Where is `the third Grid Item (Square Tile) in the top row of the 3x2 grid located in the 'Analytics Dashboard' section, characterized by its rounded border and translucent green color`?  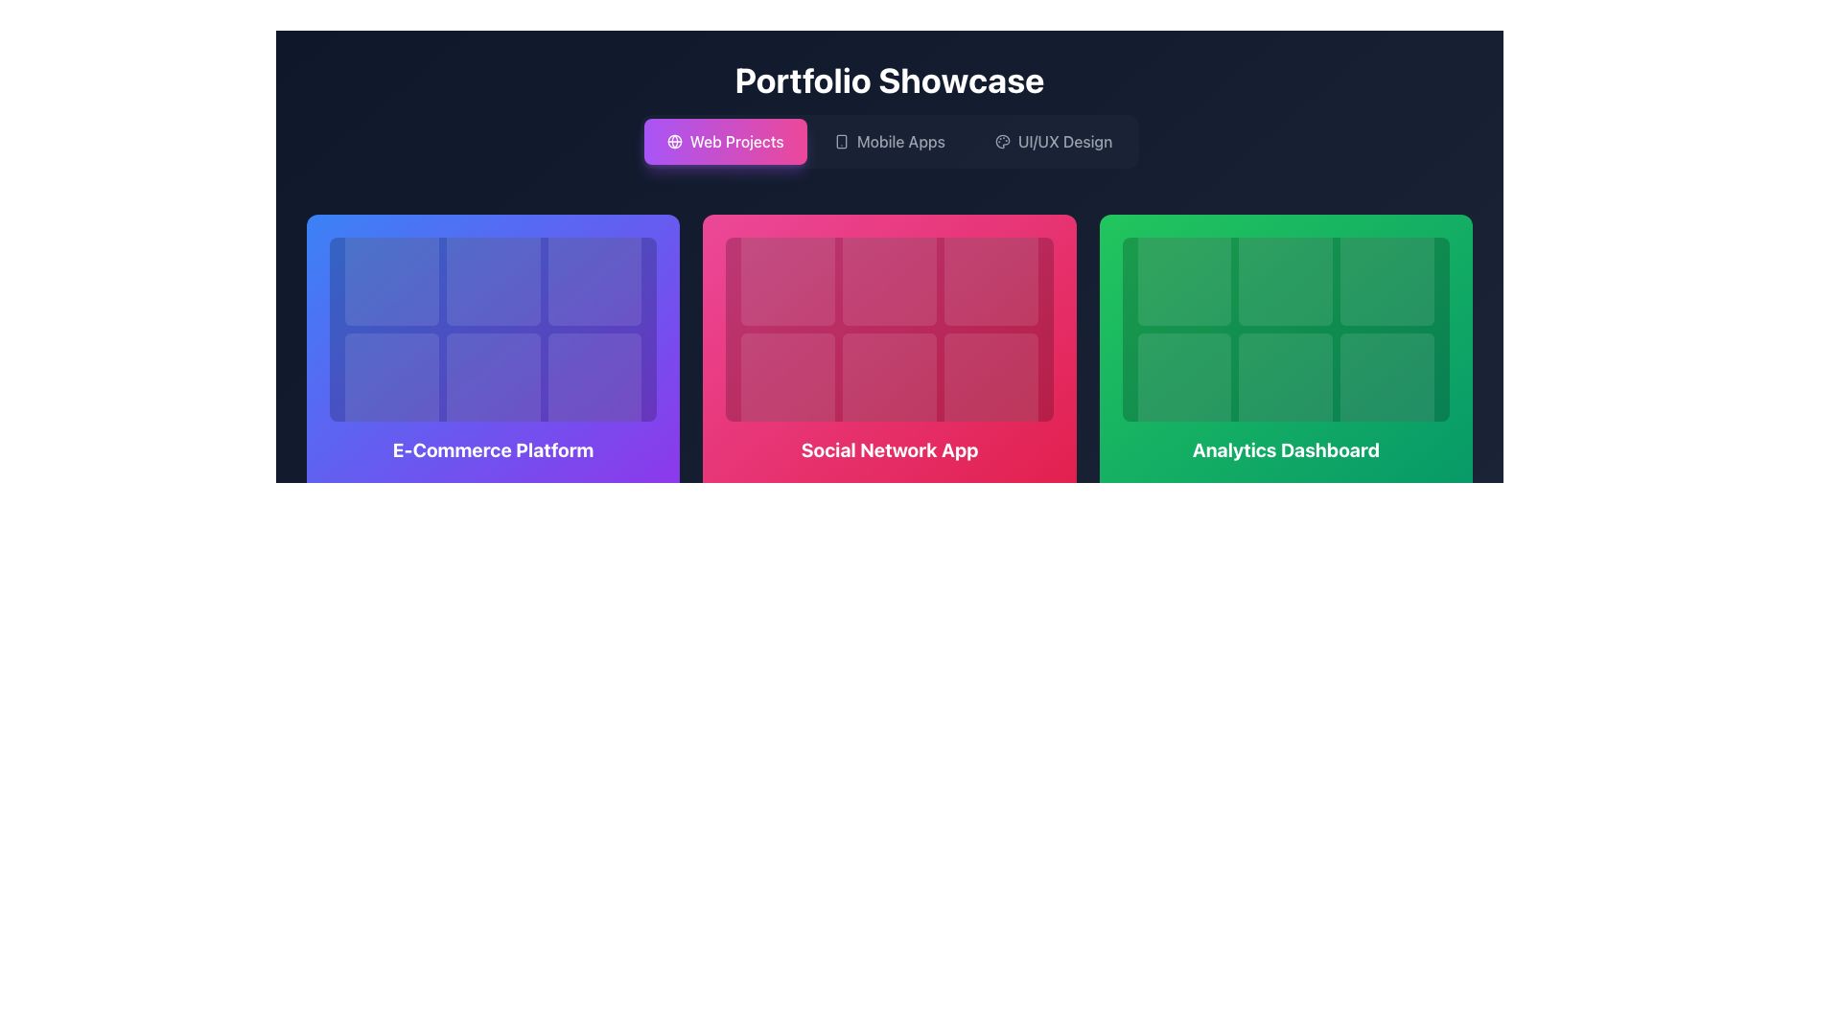
the third Grid Item (Square Tile) in the top row of the 3x2 grid located in the 'Analytics Dashboard' section, characterized by its rounded border and translucent green color is located at coordinates (1387, 279).